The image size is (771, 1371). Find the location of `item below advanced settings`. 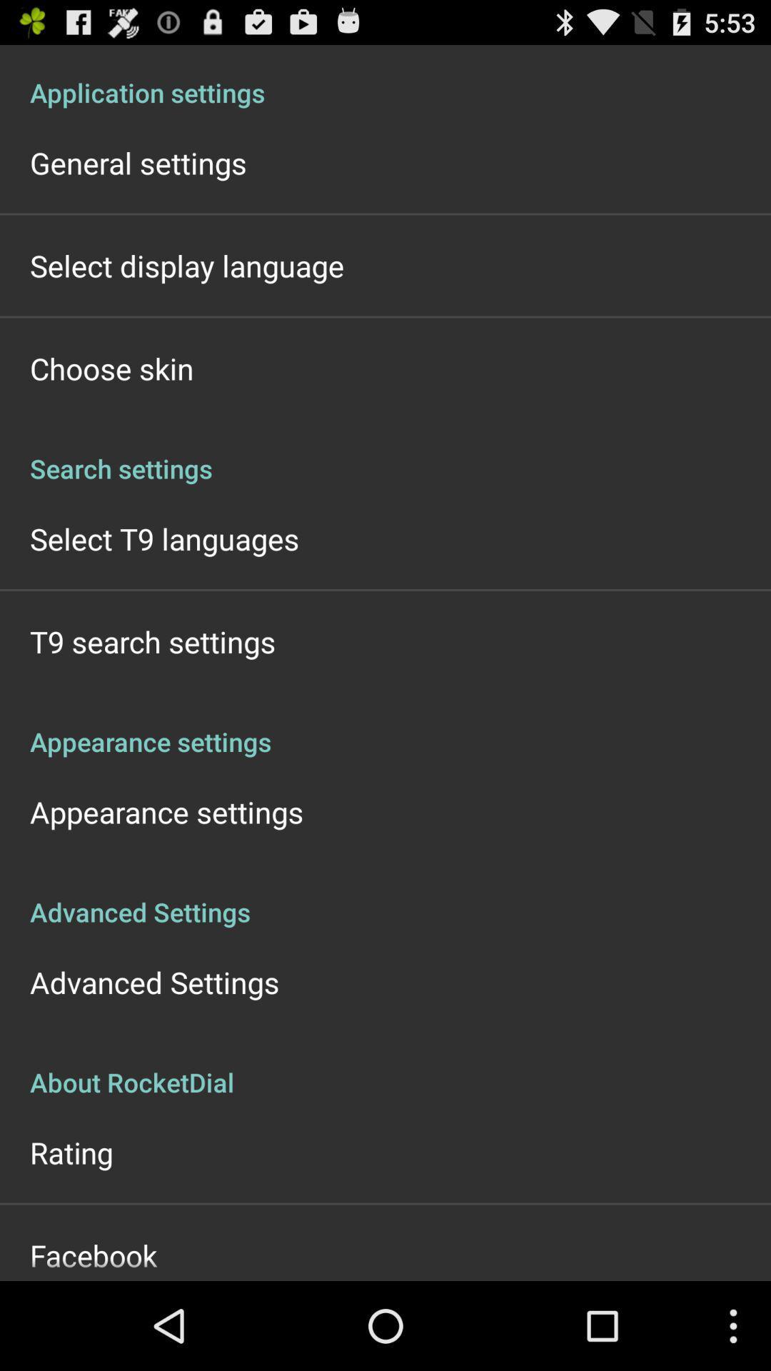

item below advanced settings is located at coordinates (385, 1067).